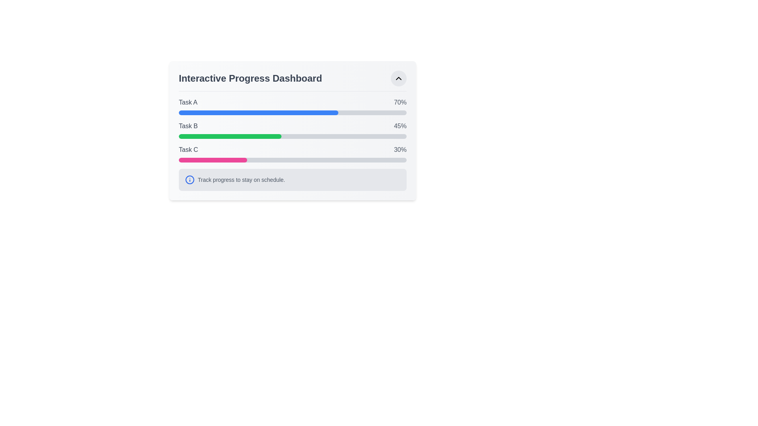 The width and height of the screenshot is (758, 426). Describe the element at coordinates (398, 78) in the screenshot. I see `the circular button with a light gray background and a black upward-pointing chevron icon` at that location.